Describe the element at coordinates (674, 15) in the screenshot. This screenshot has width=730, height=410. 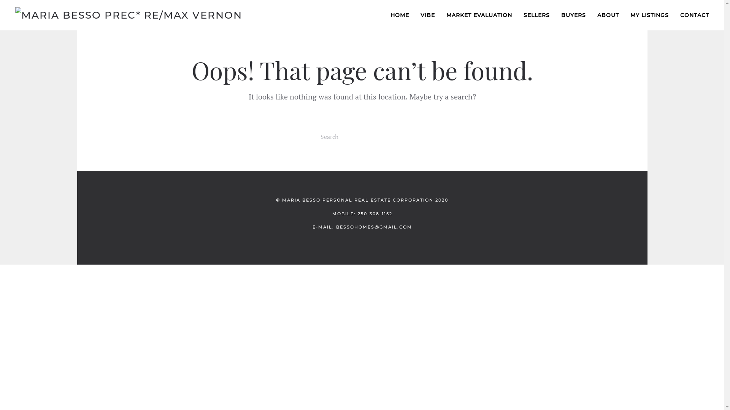
I see `'CONTACT'` at that location.